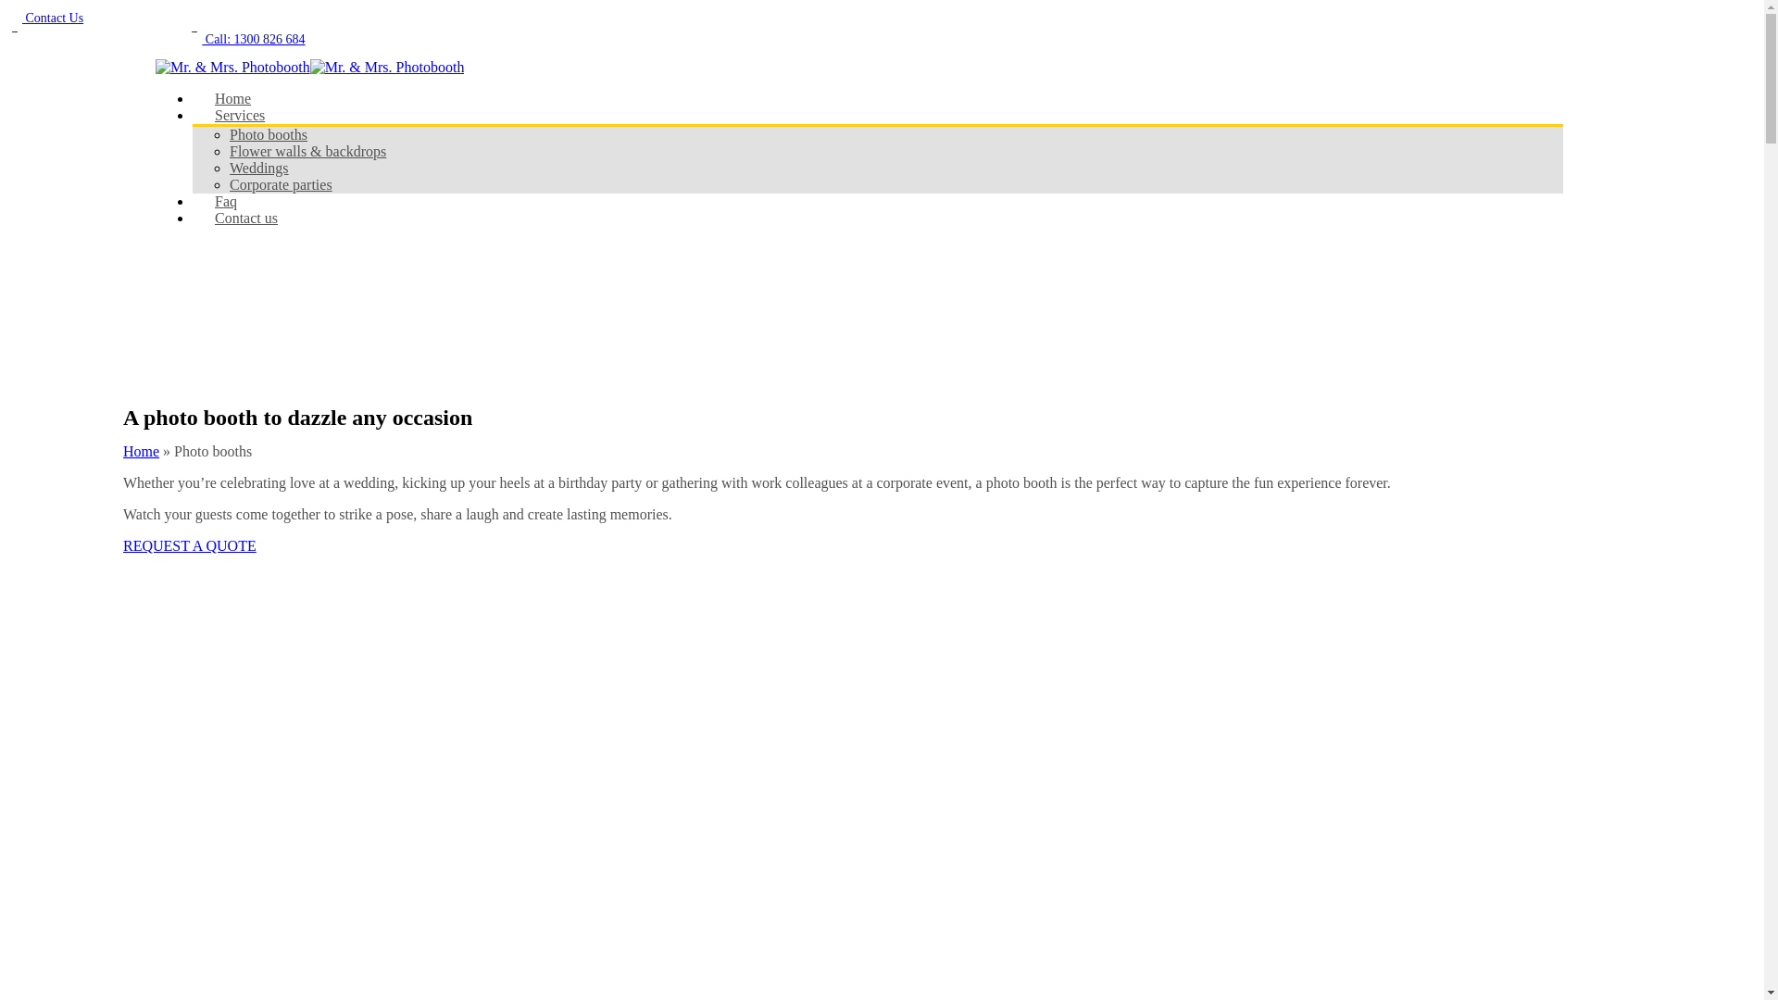 The image size is (1778, 1000). Describe the element at coordinates (140, 451) in the screenshot. I see `'Home'` at that location.